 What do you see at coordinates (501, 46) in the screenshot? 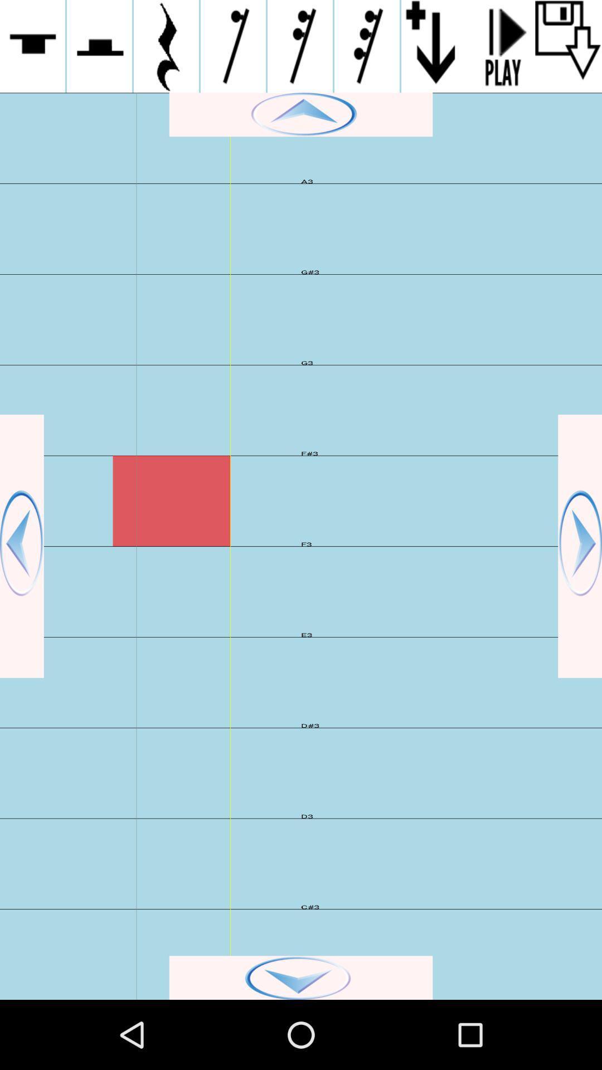
I see `option` at bounding box center [501, 46].